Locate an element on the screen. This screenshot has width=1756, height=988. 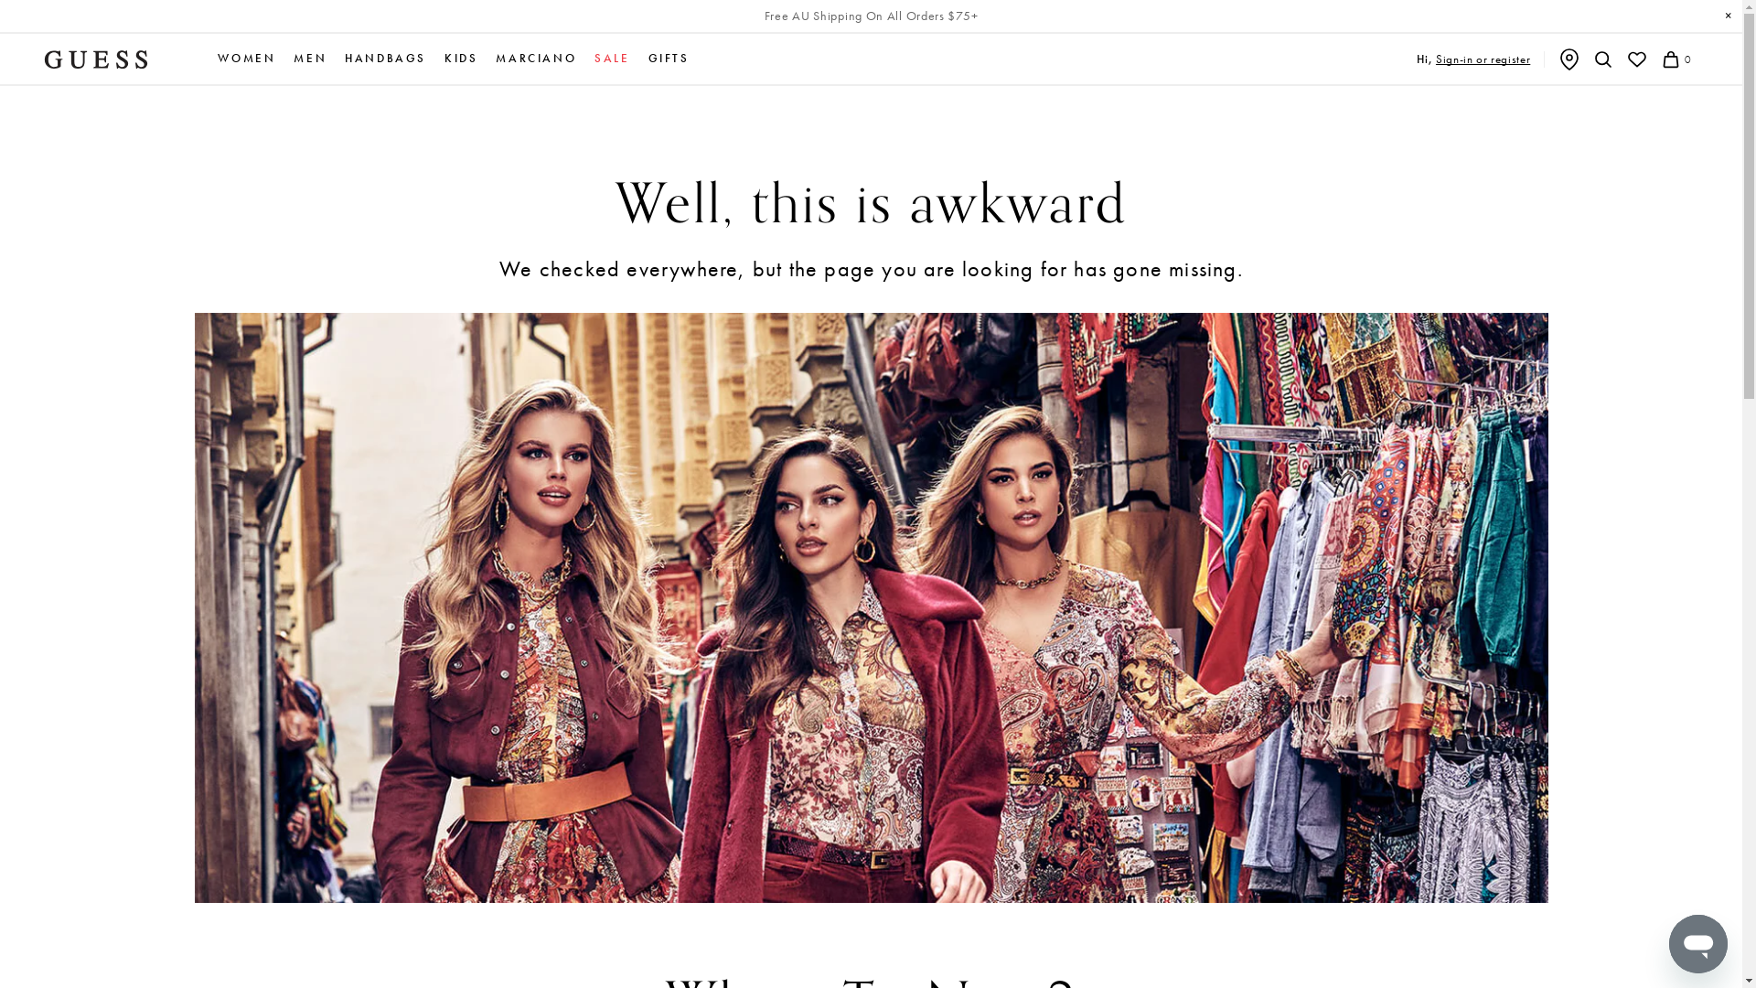
'WOMEN' is located at coordinates (245, 58).